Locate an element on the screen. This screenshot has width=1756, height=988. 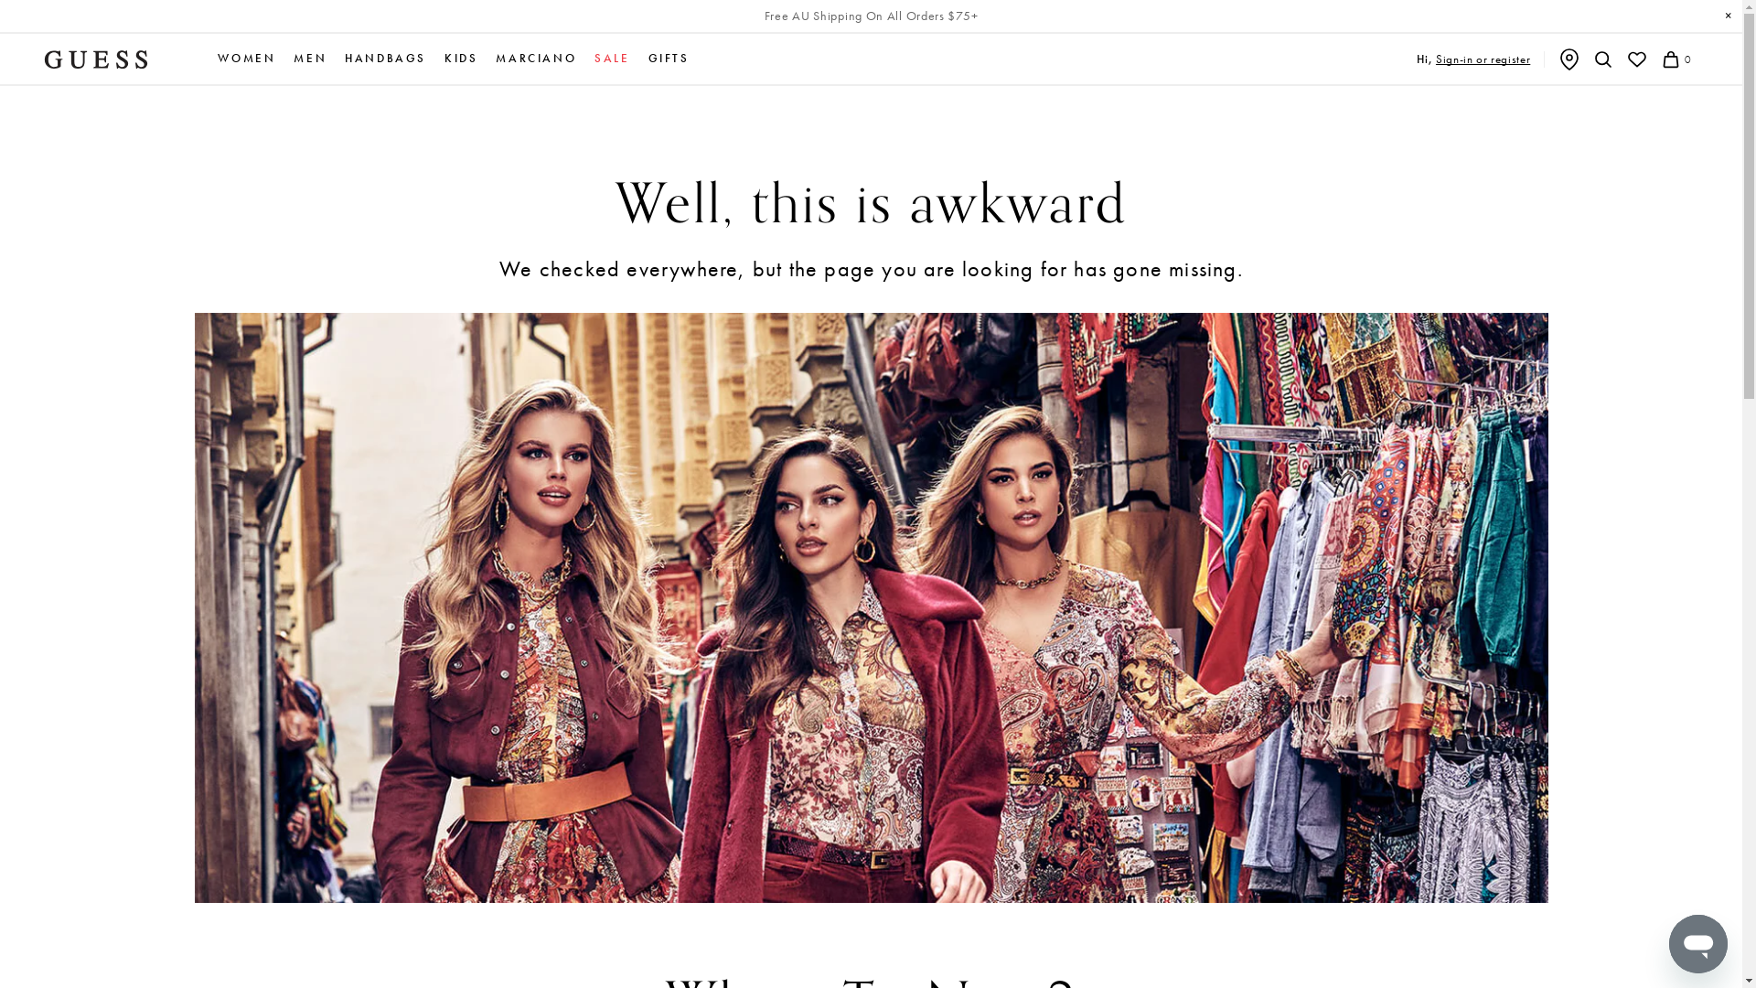
'WOMEN' is located at coordinates (245, 58).